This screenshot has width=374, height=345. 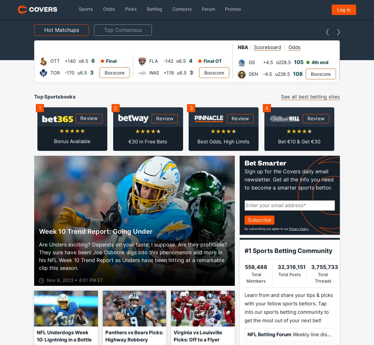 I want to click on 'HOU', so click(x=368, y=72).